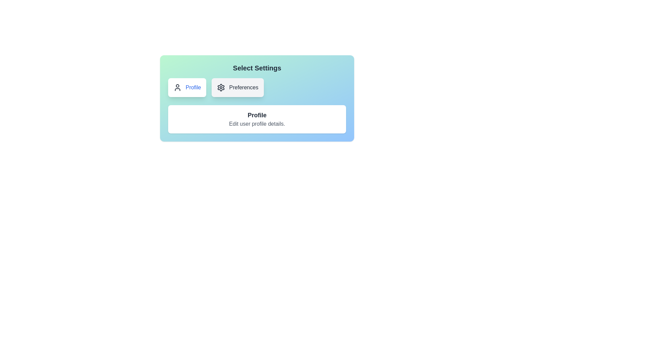 The image size is (647, 364). I want to click on the user icon SVG graphic which represents a minimalistic human figure, located to the left of the 'Profile' text in the button, so click(178, 87).